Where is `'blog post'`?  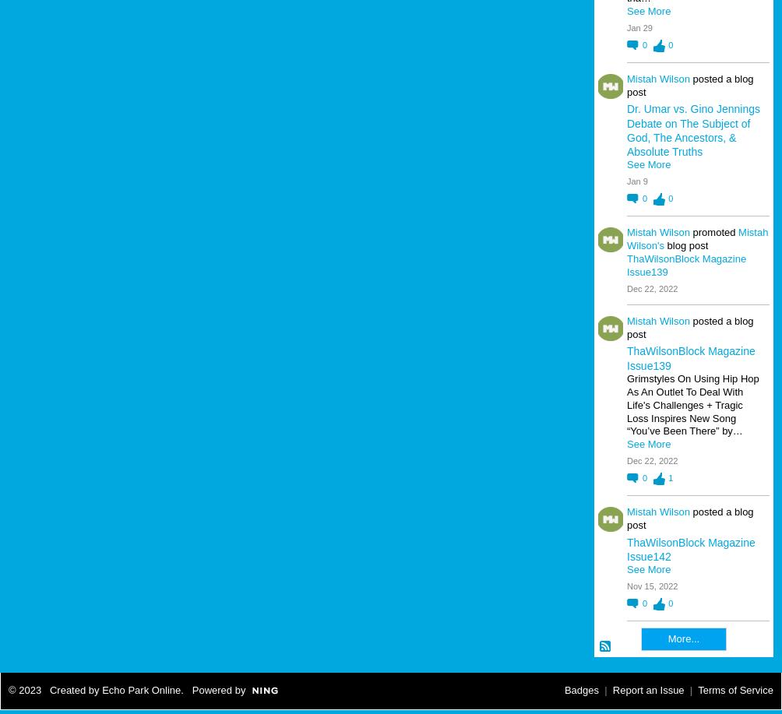 'blog post' is located at coordinates (664, 244).